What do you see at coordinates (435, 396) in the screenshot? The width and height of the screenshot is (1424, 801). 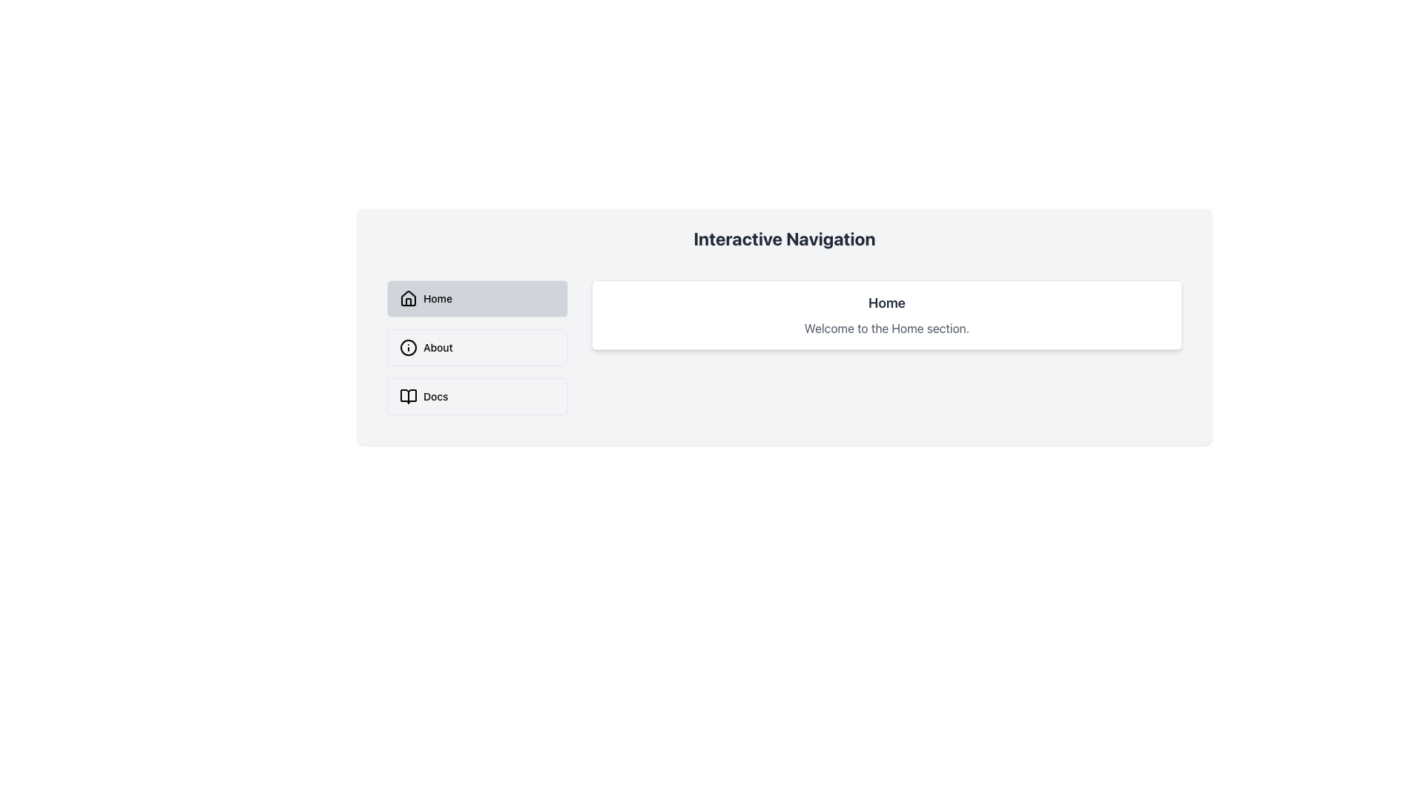 I see `the 'Docs' text label in the third navigation button of the sidebar` at bounding box center [435, 396].